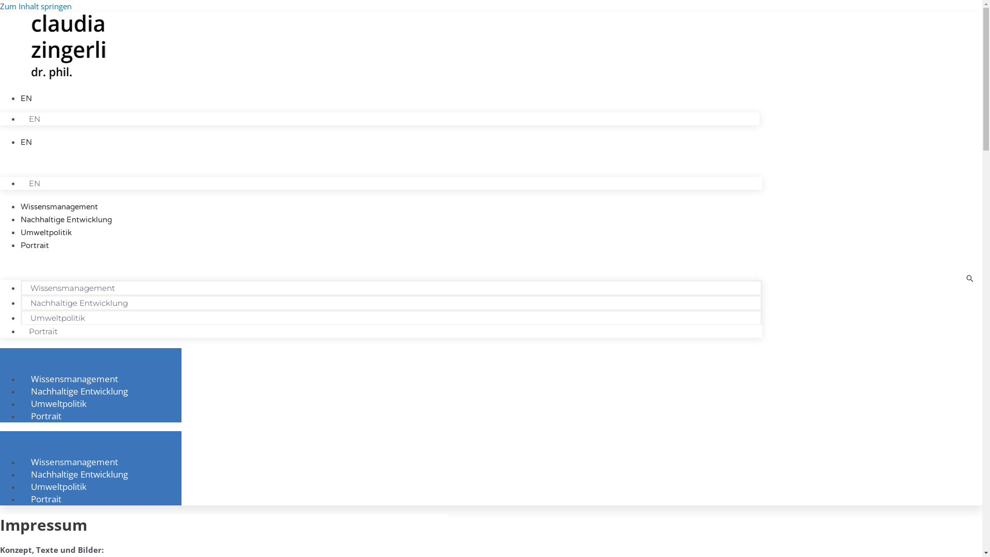 The image size is (990, 557). Describe the element at coordinates (20, 118) in the screenshot. I see `'EN'` at that location.